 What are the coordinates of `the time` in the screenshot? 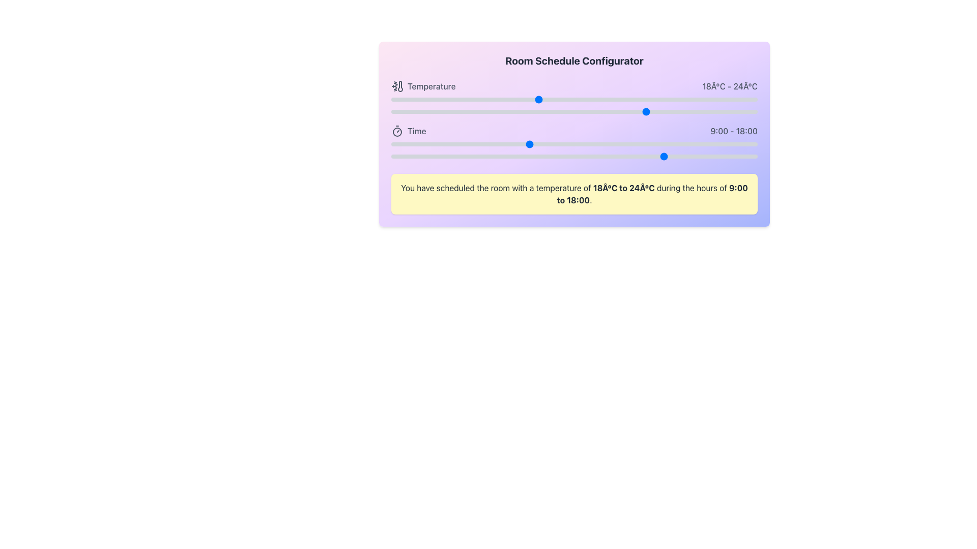 It's located at (543, 157).